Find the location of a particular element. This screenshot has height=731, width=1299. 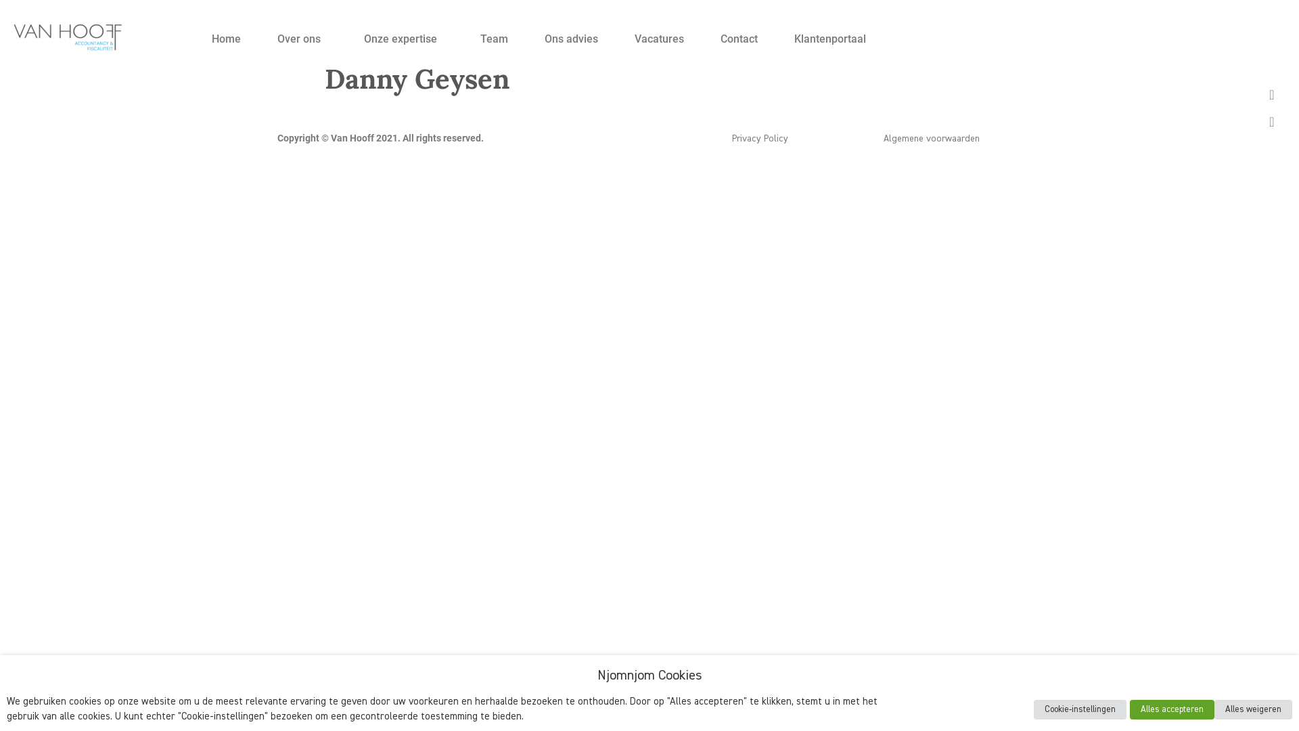

'Algemene voorwaarden' is located at coordinates (883, 138).